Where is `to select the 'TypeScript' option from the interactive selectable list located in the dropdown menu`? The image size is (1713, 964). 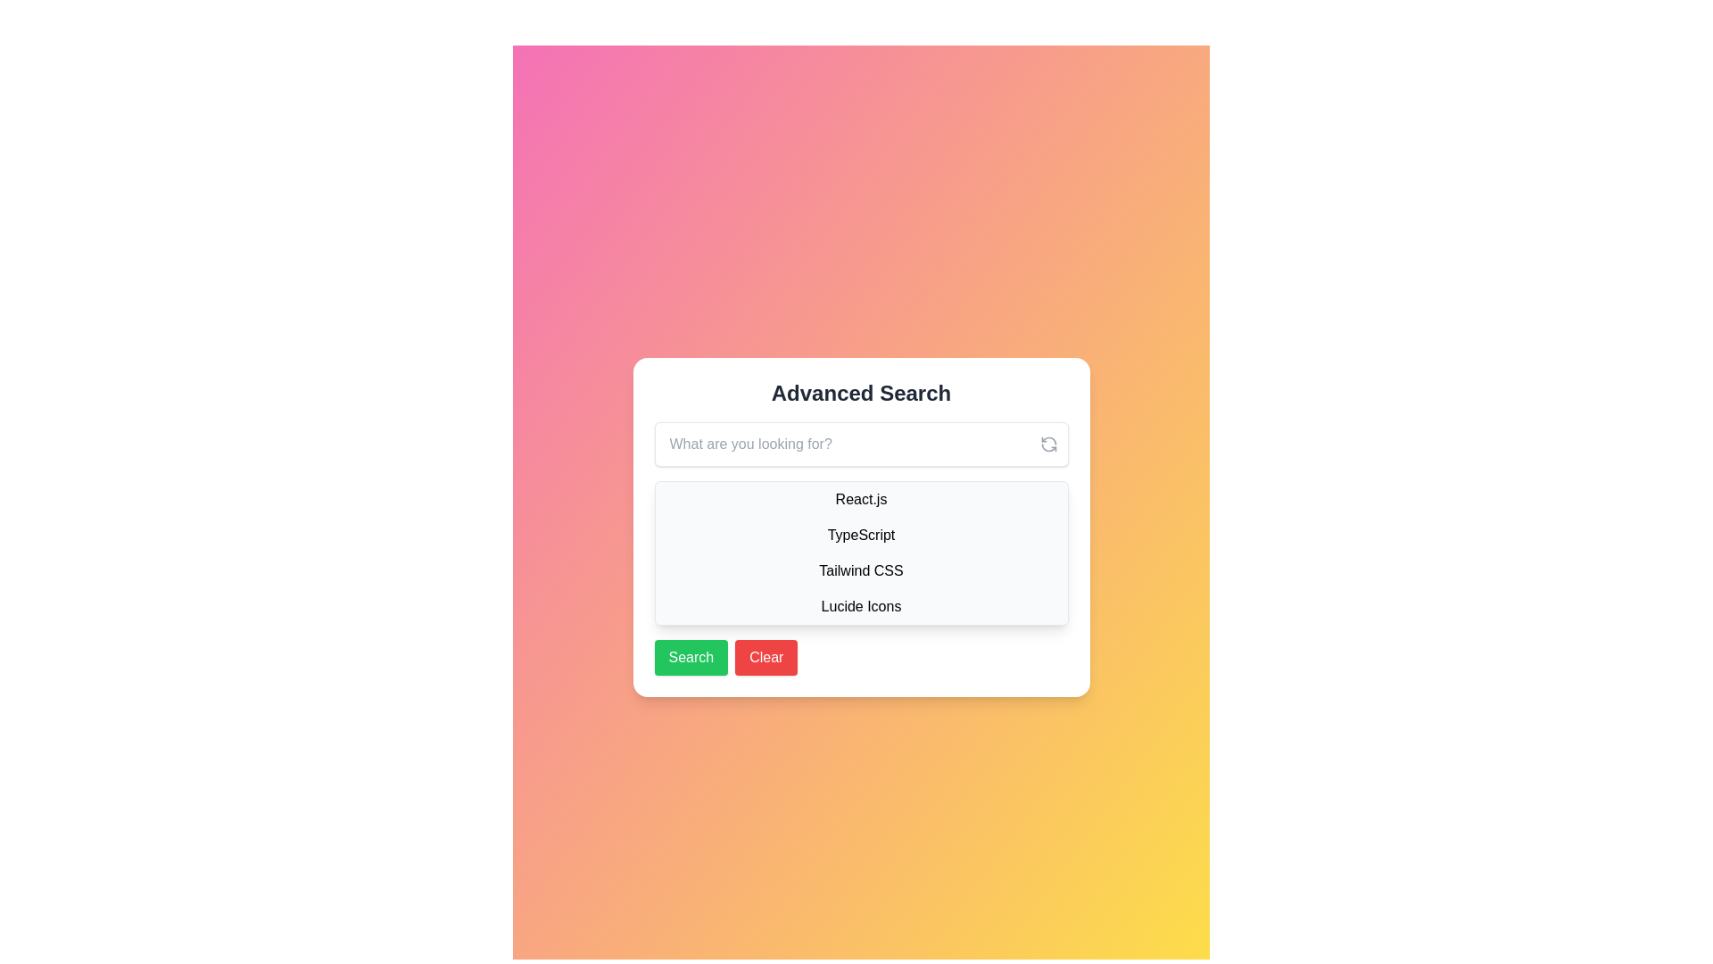 to select the 'TypeScript' option from the interactive selectable list located in the dropdown menu is located at coordinates (861, 535).